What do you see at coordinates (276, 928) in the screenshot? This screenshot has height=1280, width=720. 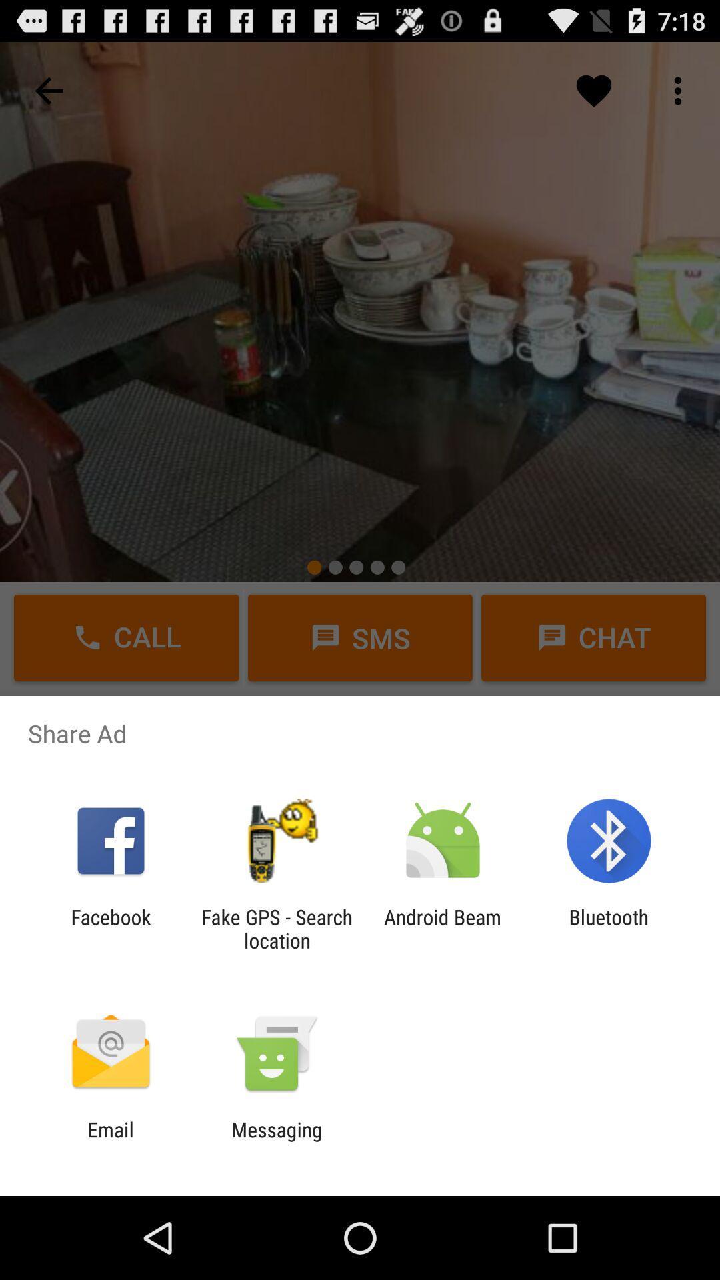 I see `the fake gps search` at bounding box center [276, 928].